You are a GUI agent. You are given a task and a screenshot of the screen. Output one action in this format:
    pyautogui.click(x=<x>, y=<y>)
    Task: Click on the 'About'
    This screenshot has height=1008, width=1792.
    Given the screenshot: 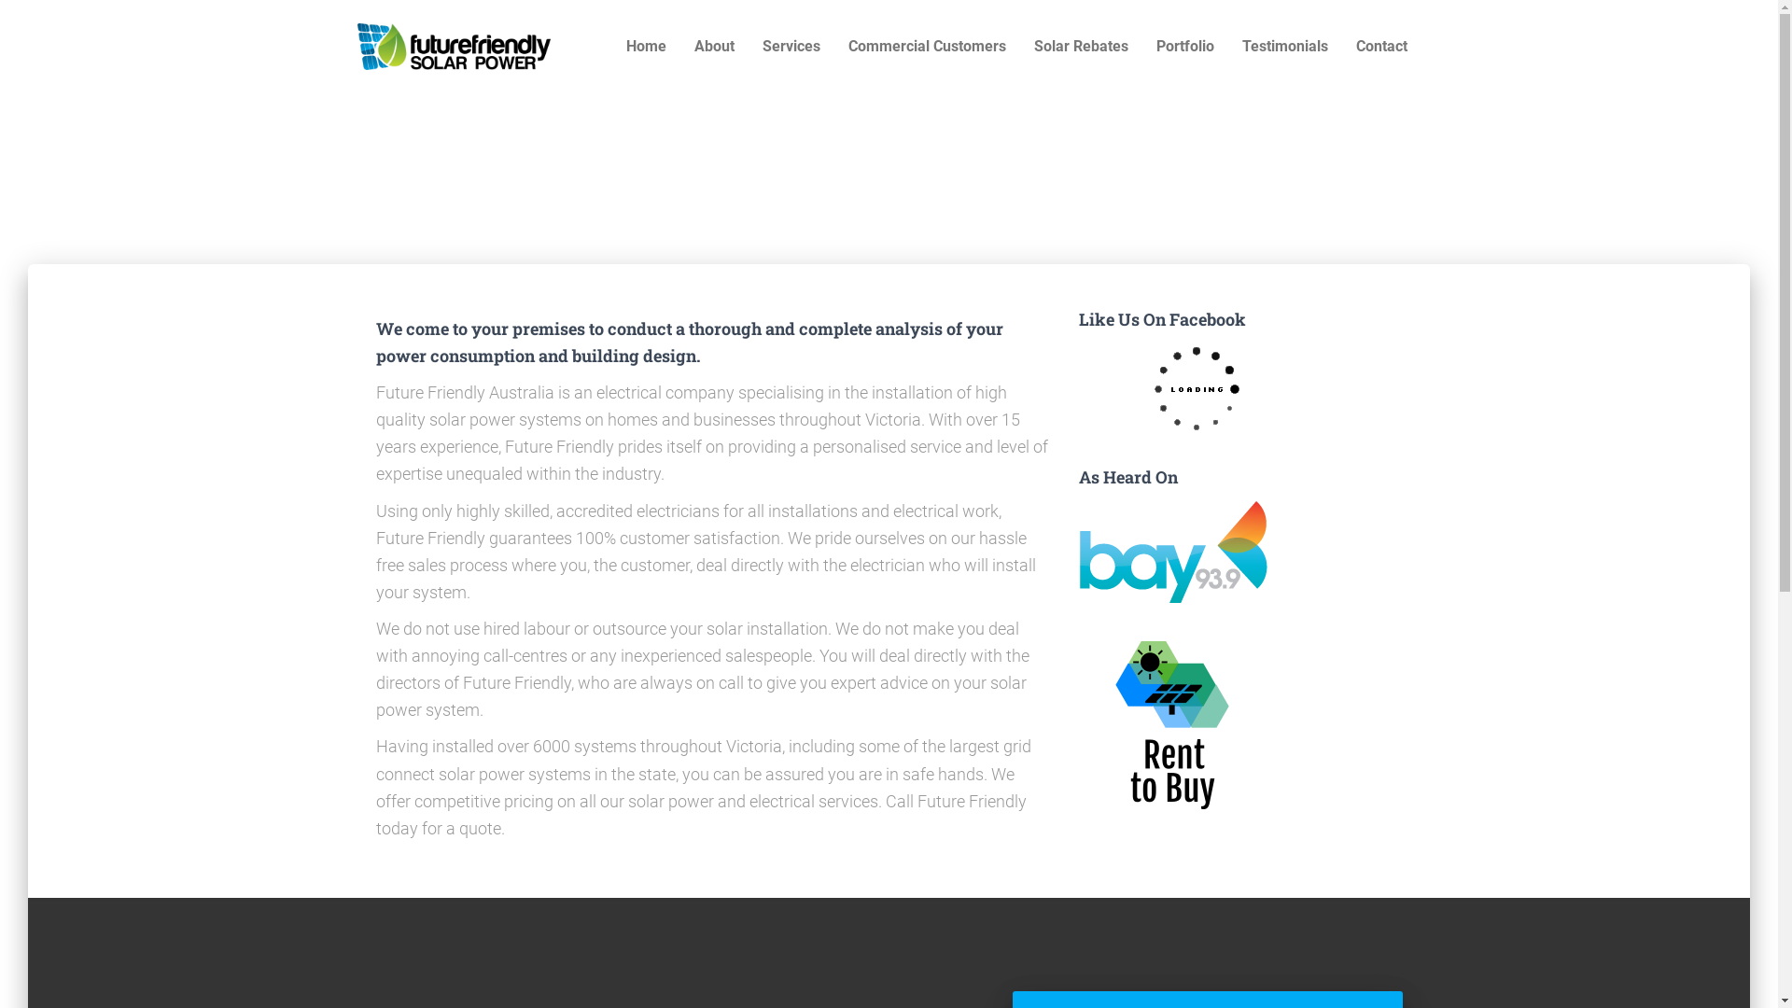 What is the action you would take?
    pyautogui.click(x=712, y=46)
    